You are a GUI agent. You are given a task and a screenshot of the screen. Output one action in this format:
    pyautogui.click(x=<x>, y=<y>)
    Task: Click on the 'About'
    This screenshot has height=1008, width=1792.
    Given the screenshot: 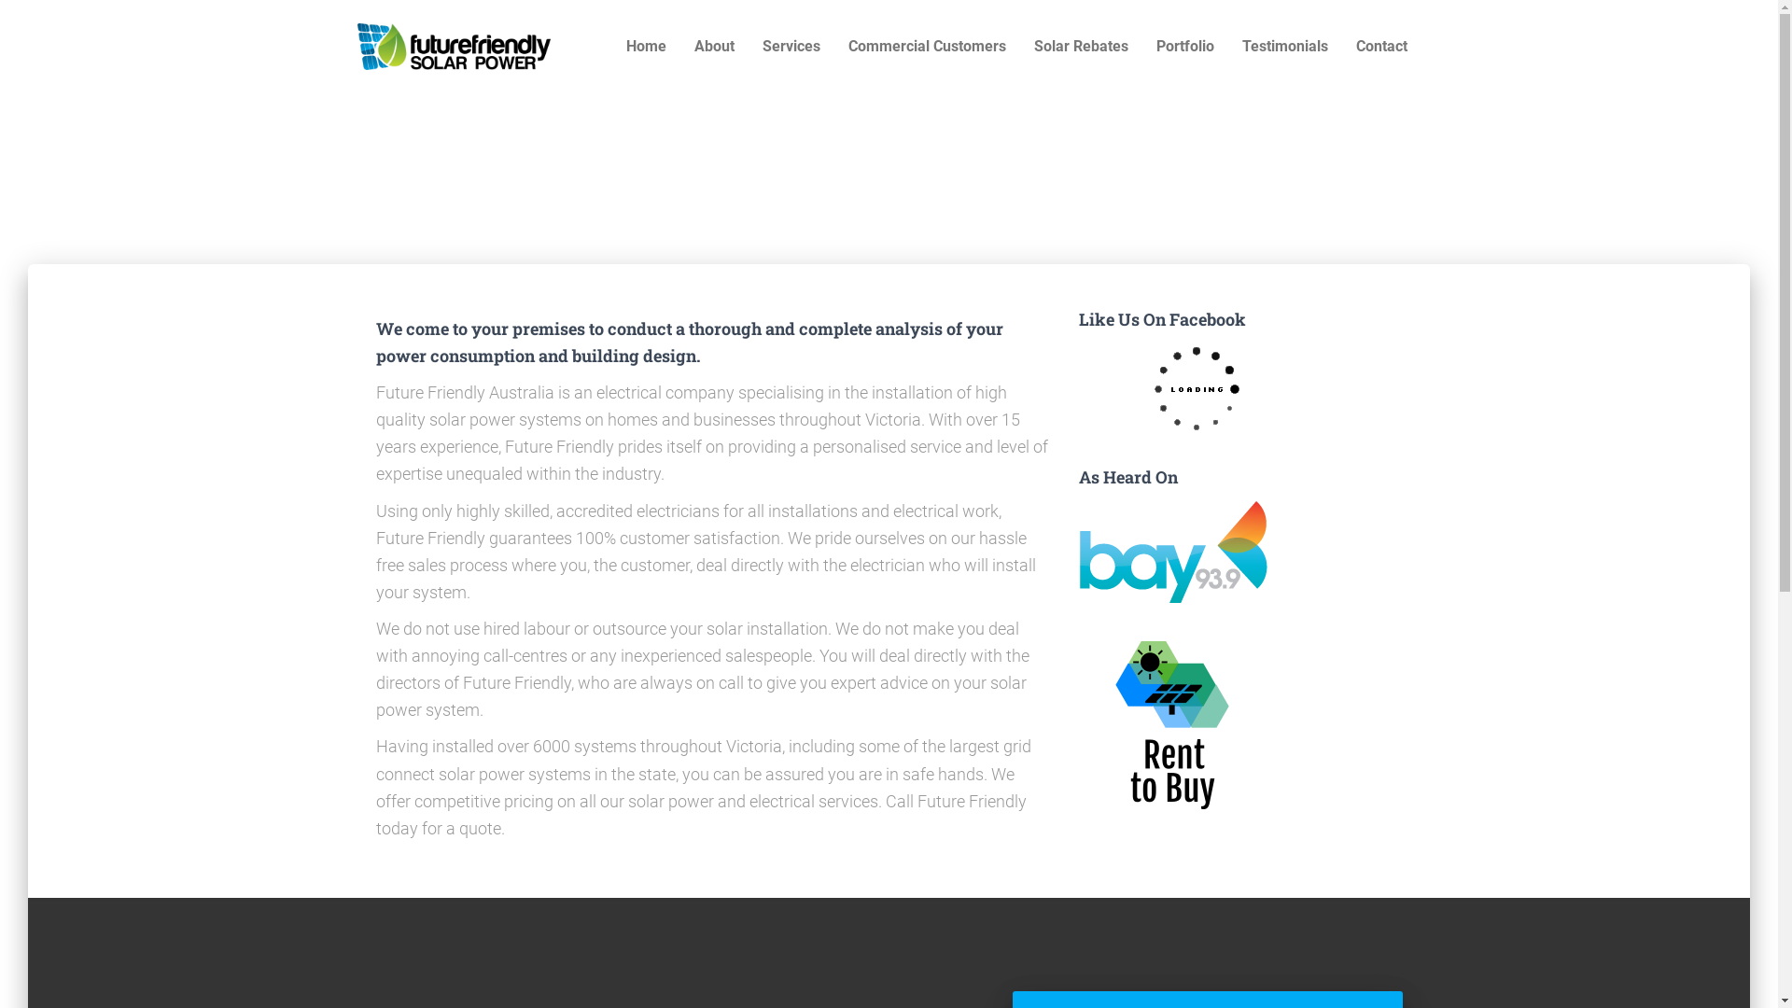 What is the action you would take?
    pyautogui.click(x=712, y=46)
    